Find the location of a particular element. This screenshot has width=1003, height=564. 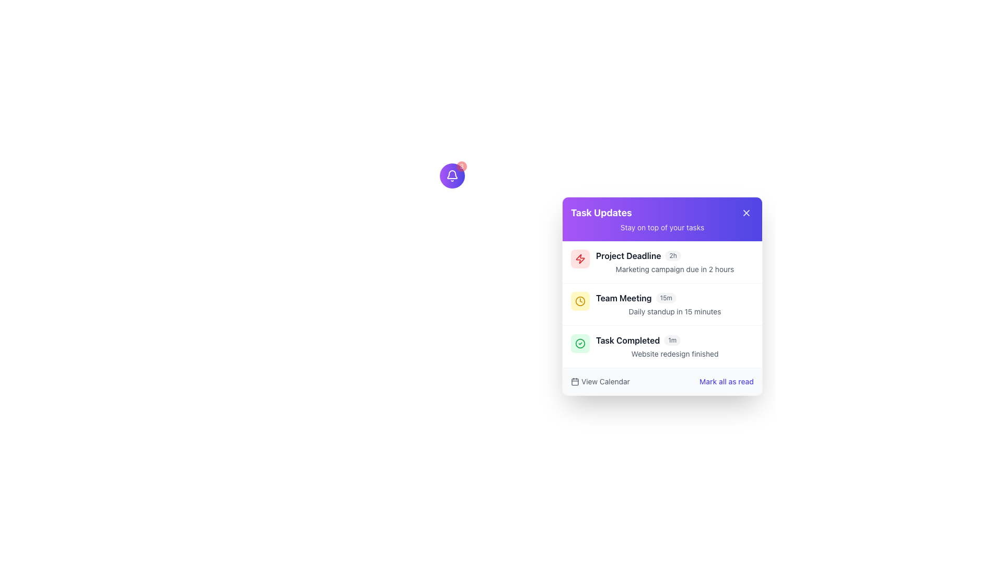

the static label displaying the text '2h' which is located in the notification area, following the 'Project Deadline' text is located at coordinates (673, 255).